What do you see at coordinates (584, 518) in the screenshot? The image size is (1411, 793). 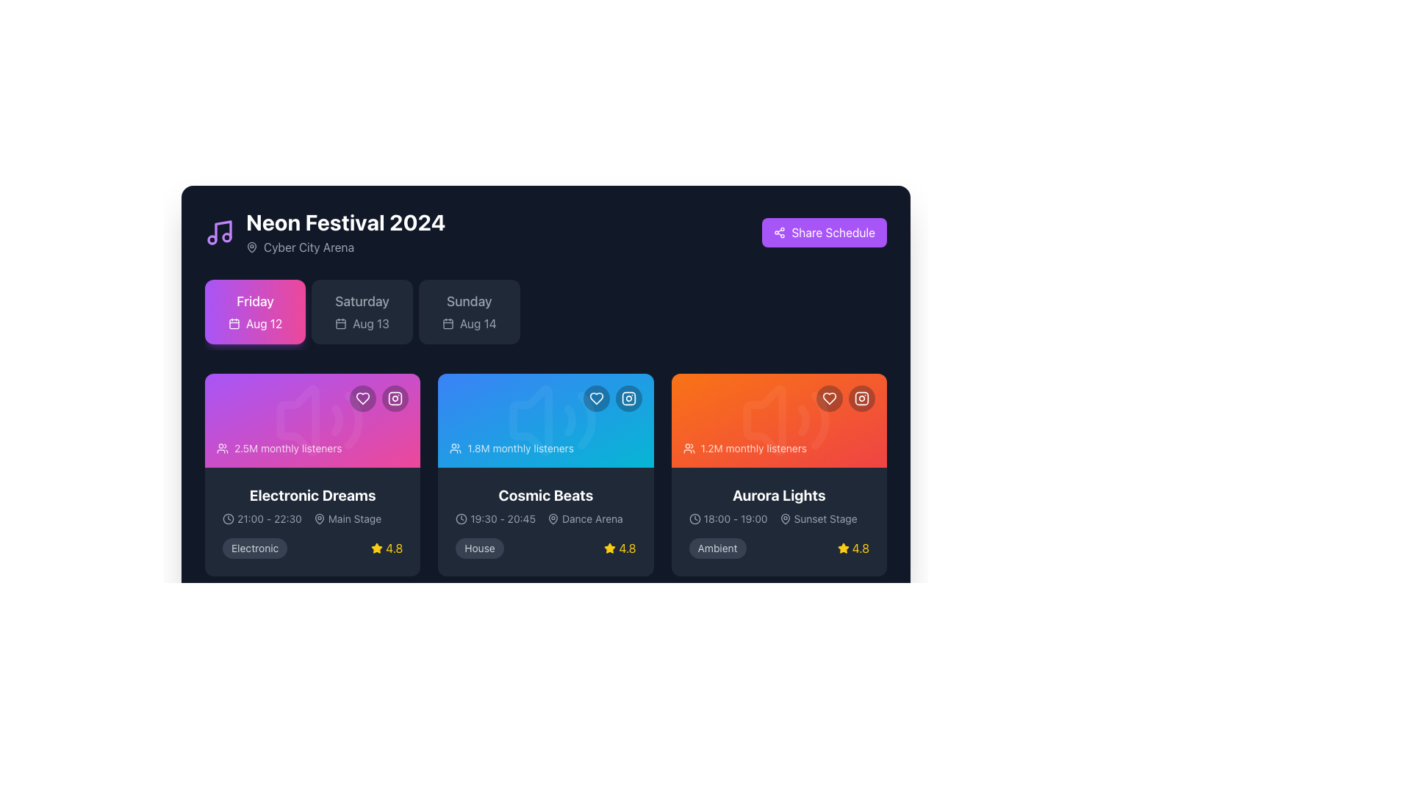 I see `the text label indicating the location for the 'Cosmic Beats' event, which is located in the bottom section of the 'Cosmic Beats' card, to the right of the time range 19:30 - 20:45` at bounding box center [584, 518].